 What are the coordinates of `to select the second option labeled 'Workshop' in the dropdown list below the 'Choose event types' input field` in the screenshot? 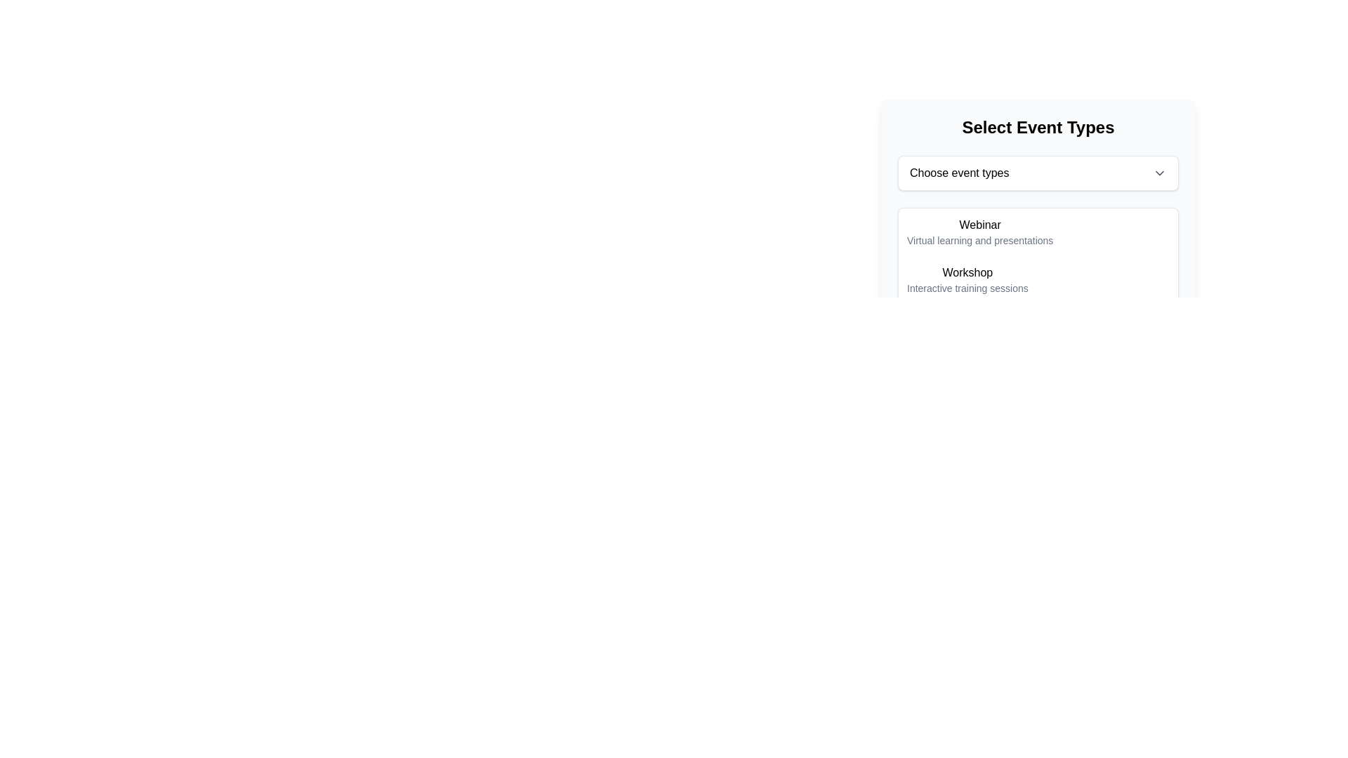 It's located at (1038, 279).